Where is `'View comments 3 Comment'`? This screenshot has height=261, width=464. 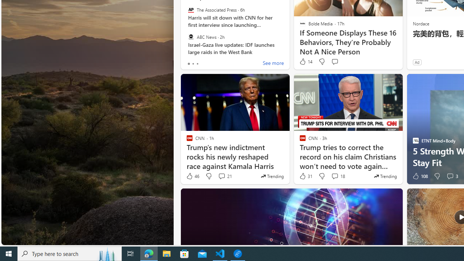 'View comments 3 Comment' is located at coordinates (449, 176).